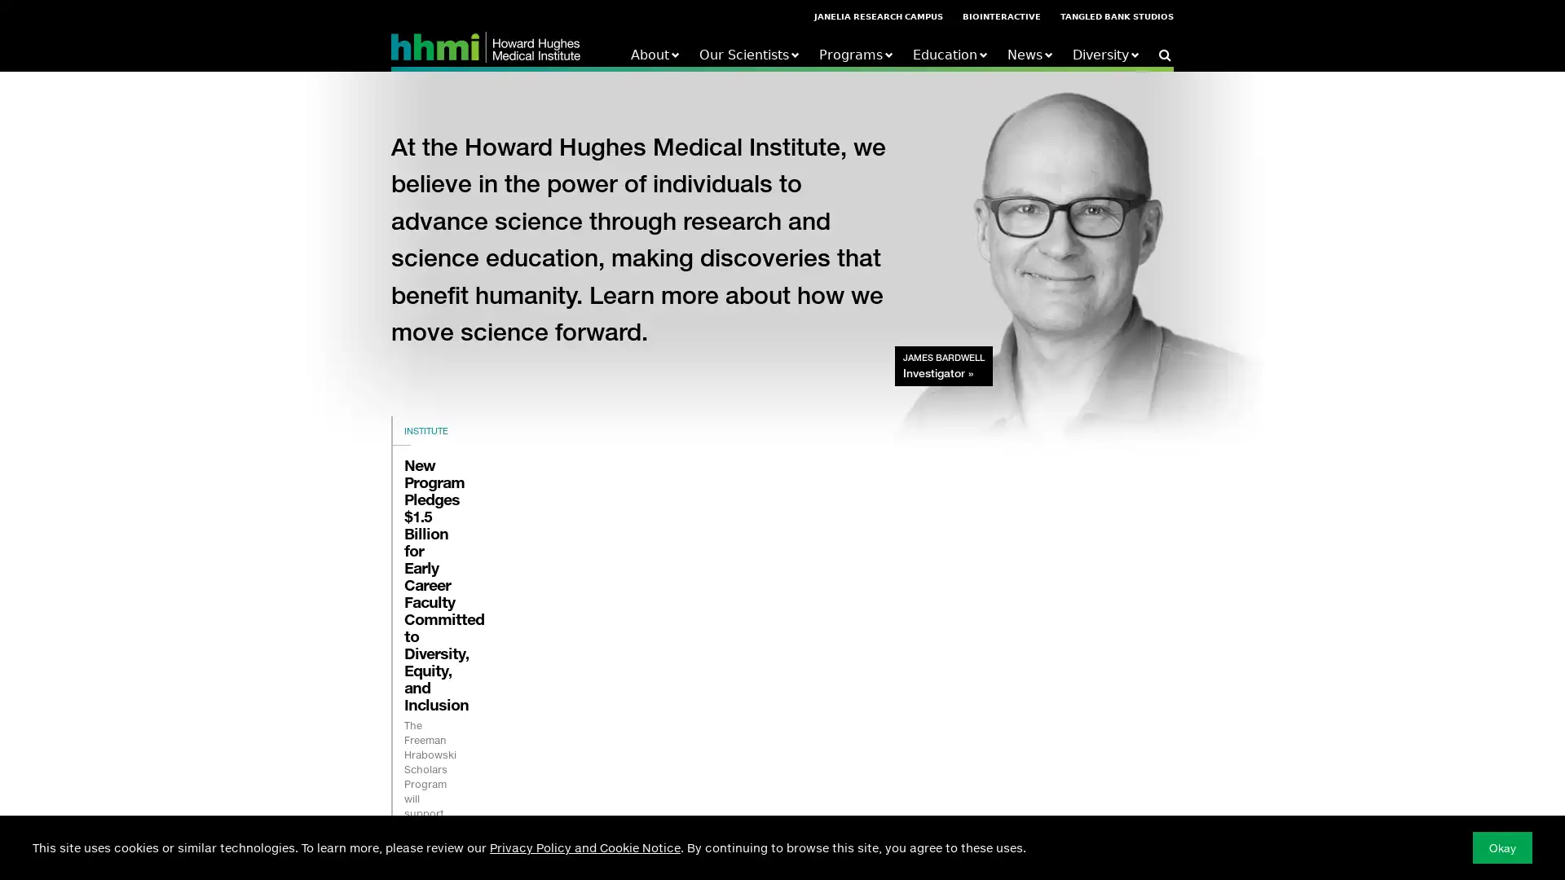  What do you see at coordinates (855, 55) in the screenshot?
I see `Programs` at bounding box center [855, 55].